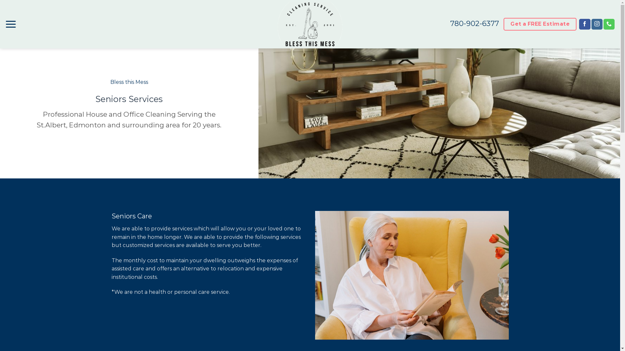 The image size is (625, 351). Describe the element at coordinates (579, 24) in the screenshot. I see `'Follow on Facebook'` at that location.